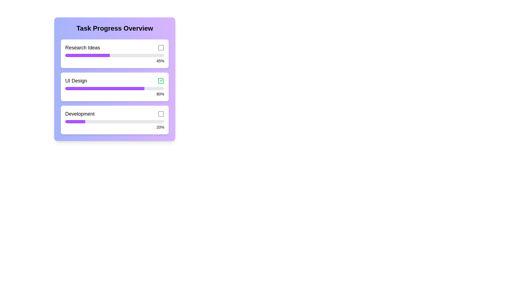 The height and width of the screenshot is (298, 531). Describe the element at coordinates (75, 121) in the screenshot. I see `the Progress Bar Segment at the start of the progress bar for the 'Development' task, which indicates a 20% completion level` at that location.